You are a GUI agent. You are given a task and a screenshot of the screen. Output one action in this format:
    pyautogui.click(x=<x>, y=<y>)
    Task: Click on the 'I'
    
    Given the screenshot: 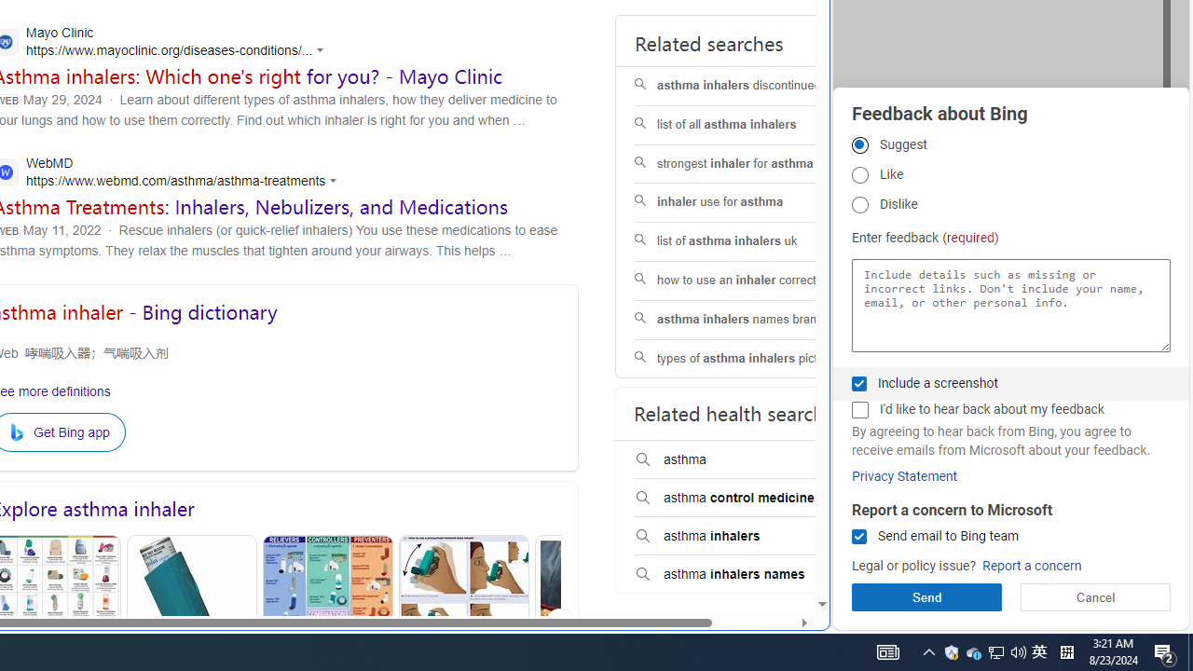 What is the action you would take?
    pyautogui.click(x=858, y=409)
    